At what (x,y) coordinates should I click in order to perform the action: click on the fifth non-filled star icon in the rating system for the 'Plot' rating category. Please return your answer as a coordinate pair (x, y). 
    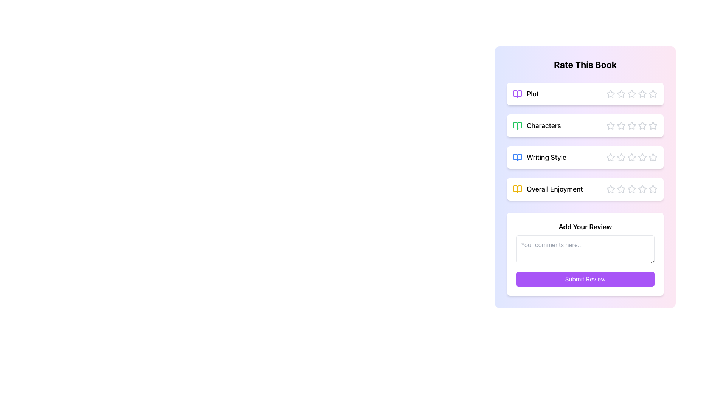
    Looking at the image, I should click on (653, 94).